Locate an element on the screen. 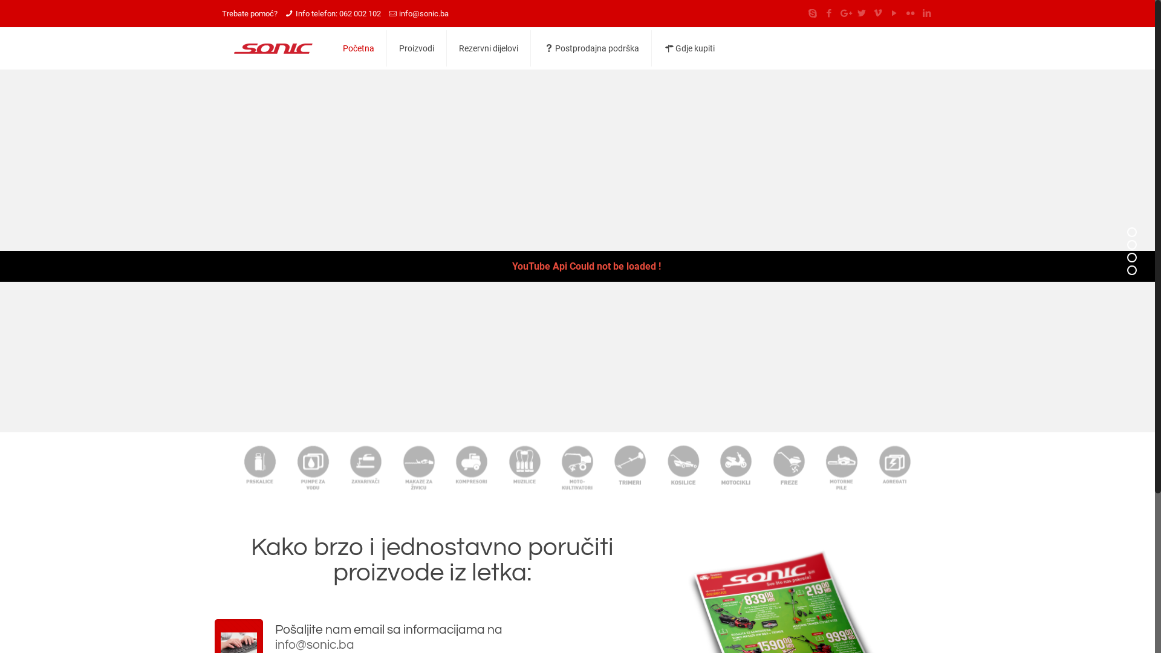  'Motocikli' is located at coordinates (735, 466).